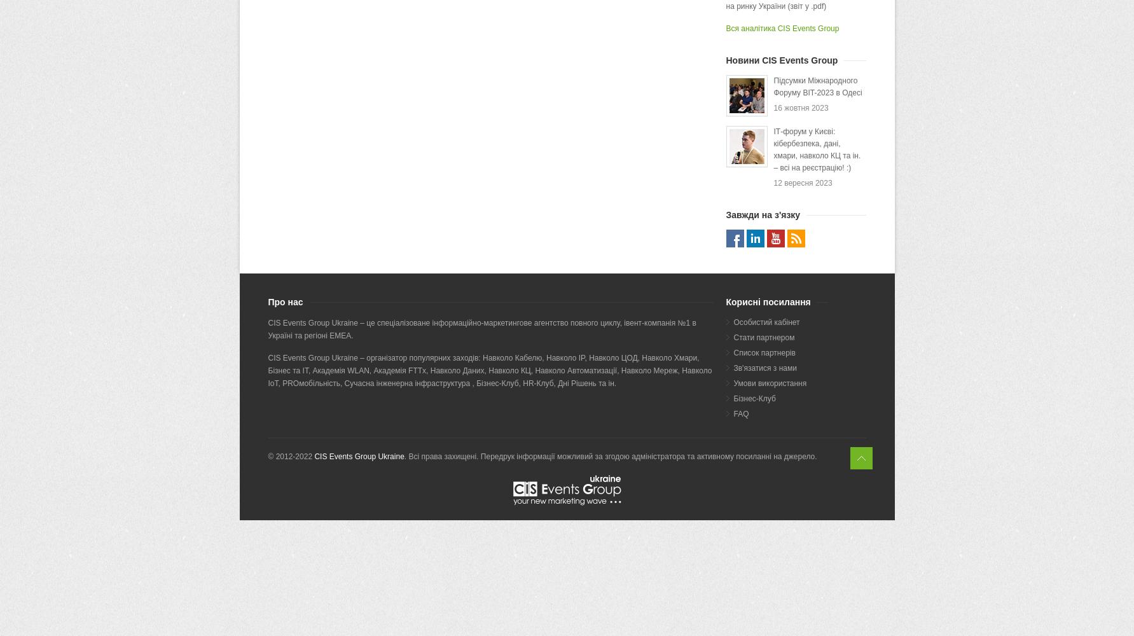 The width and height of the screenshot is (1134, 636). What do you see at coordinates (773, 108) in the screenshot?
I see `'16 жовтня 2023'` at bounding box center [773, 108].